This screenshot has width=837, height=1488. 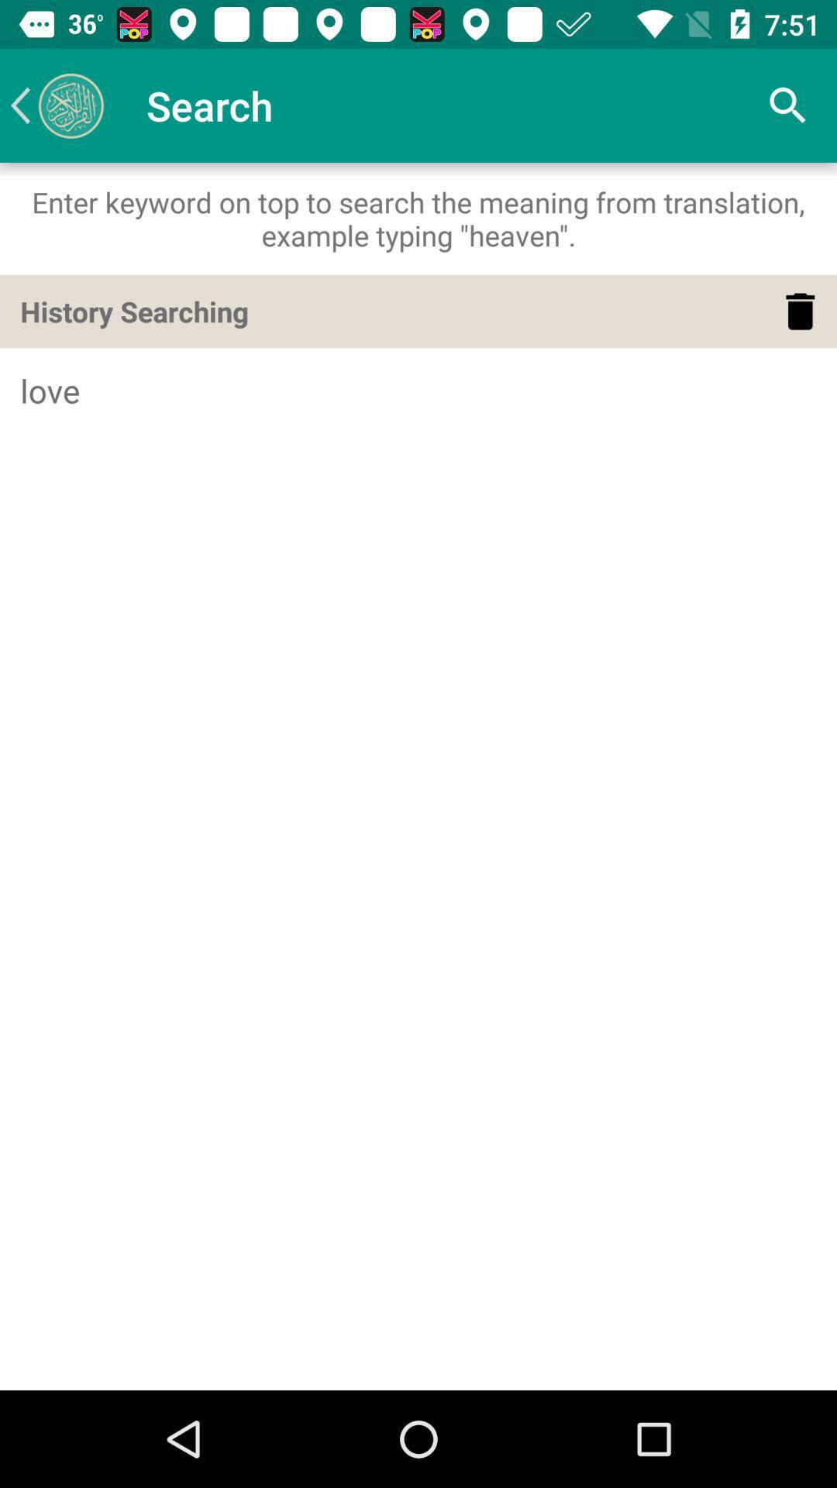 What do you see at coordinates (56, 105) in the screenshot?
I see `the icon above the enter keyword on` at bounding box center [56, 105].